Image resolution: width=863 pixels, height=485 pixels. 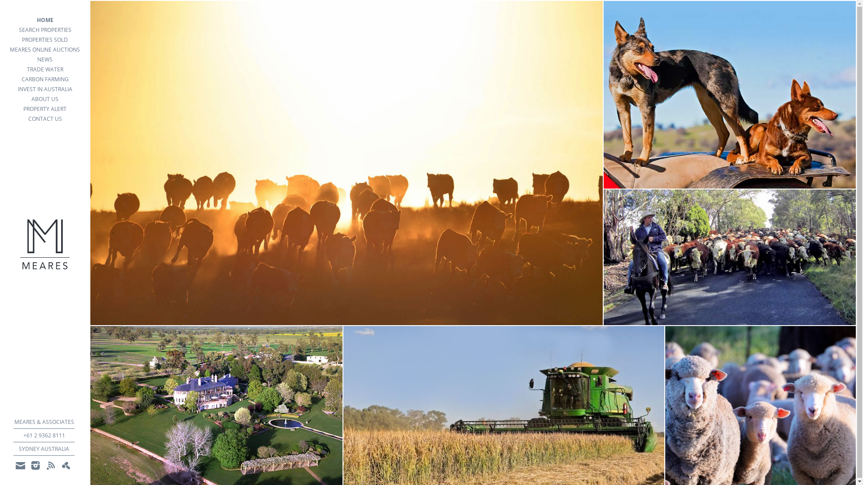 What do you see at coordinates (0, 79) in the screenshot?
I see `'CARBON FARMING'` at bounding box center [0, 79].